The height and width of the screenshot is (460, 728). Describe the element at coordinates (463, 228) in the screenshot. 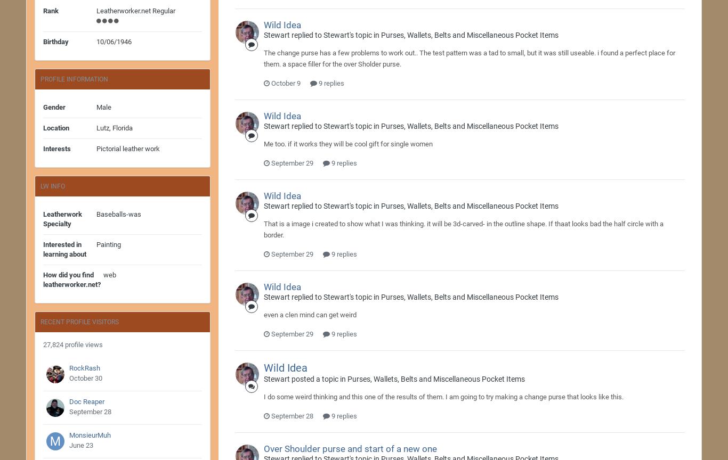

I see `'That is a image i created to show what I was thinking.
 


	it will be 3d-carved- in the outline shape.
 


	If thaat looks bad the half circle with a border.'` at that location.